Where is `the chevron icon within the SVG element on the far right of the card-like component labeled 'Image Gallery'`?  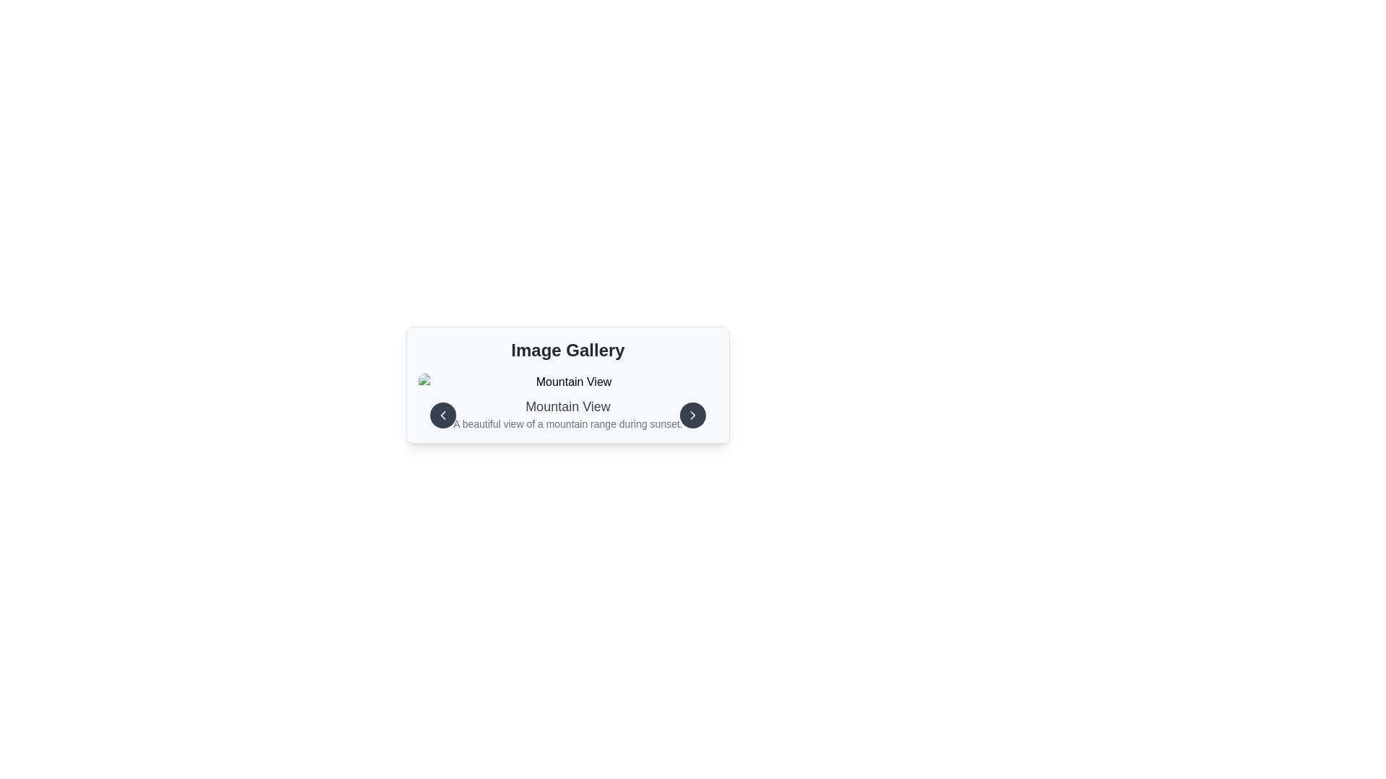
the chevron icon within the SVG element on the far right of the card-like component labeled 'Image Gallery' is located at coordinates (693, 415).